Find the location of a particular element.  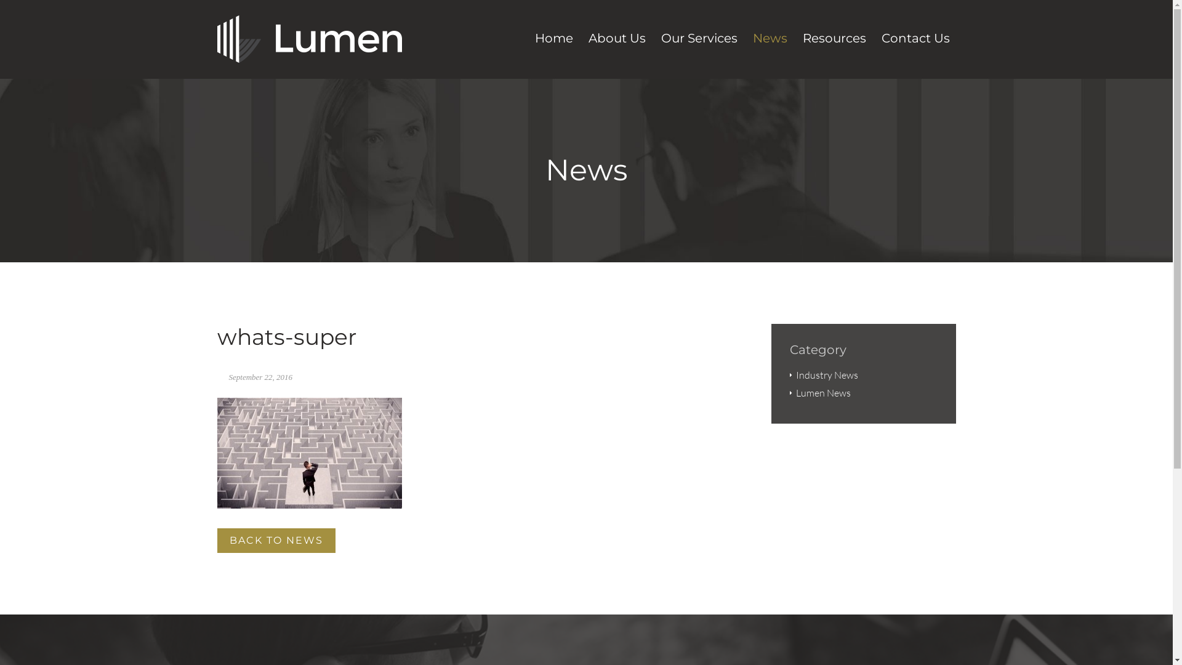

'Our Services' is located at coordinates (699, 40).